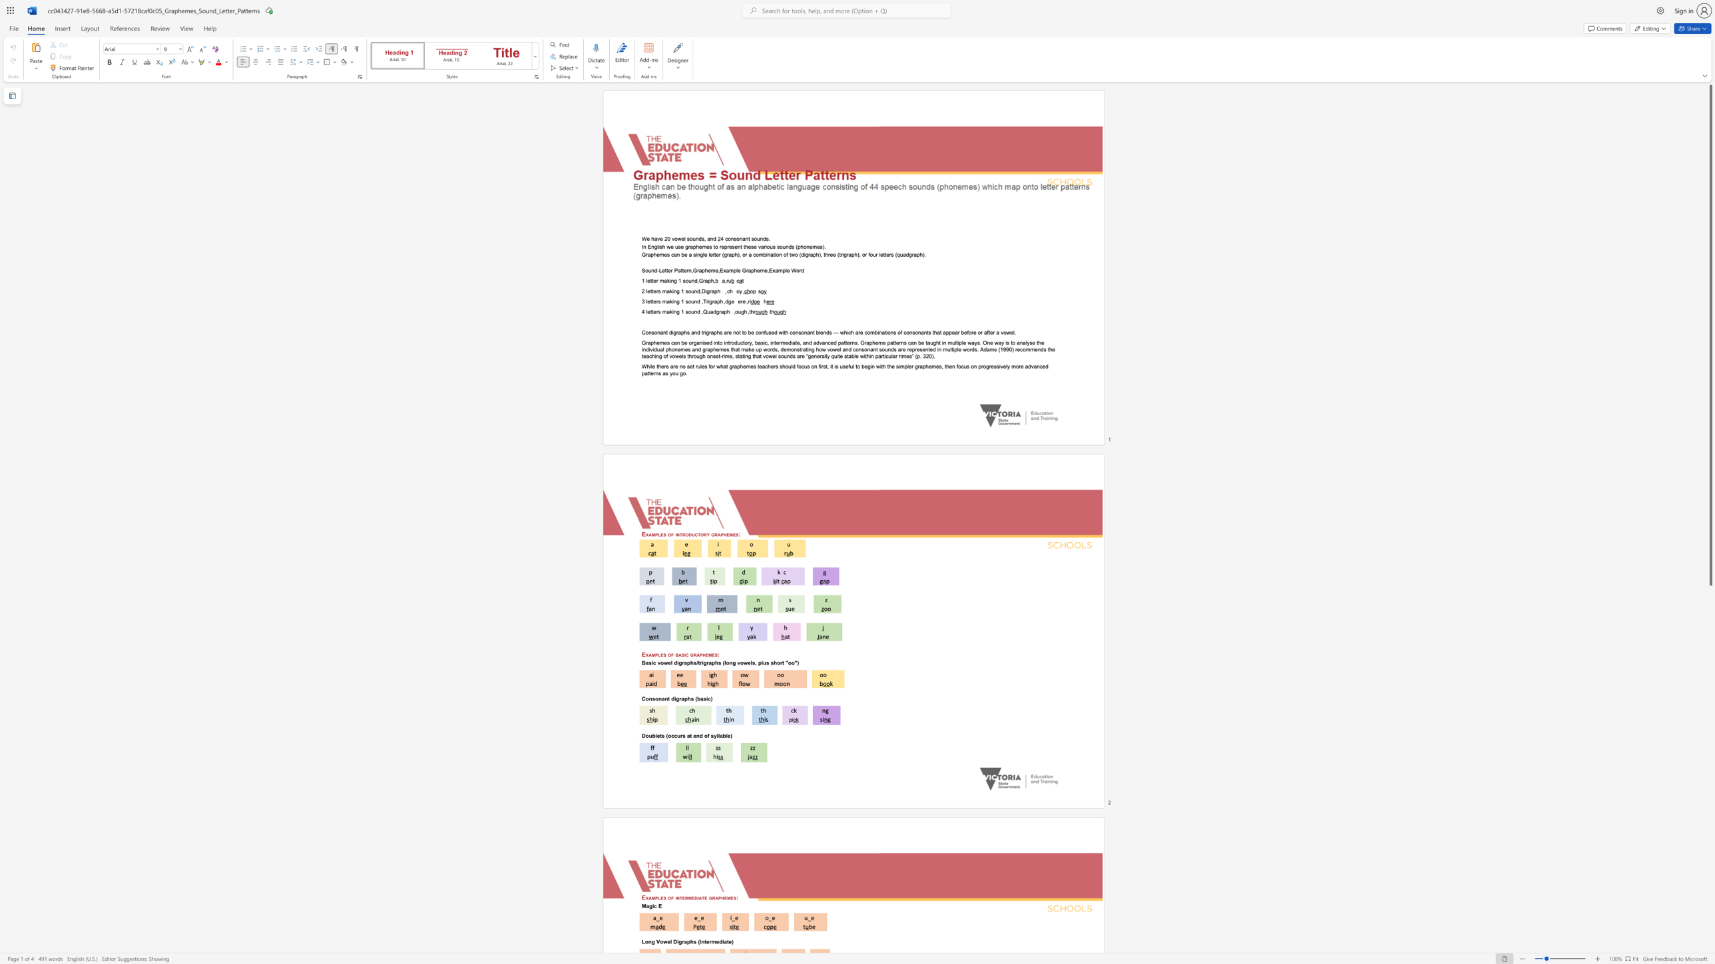  What do you see at coordinates (1710, 821) in the screenshot?
I see `the scrollbar to scroll the page down` at bounding box center [1710, 821].